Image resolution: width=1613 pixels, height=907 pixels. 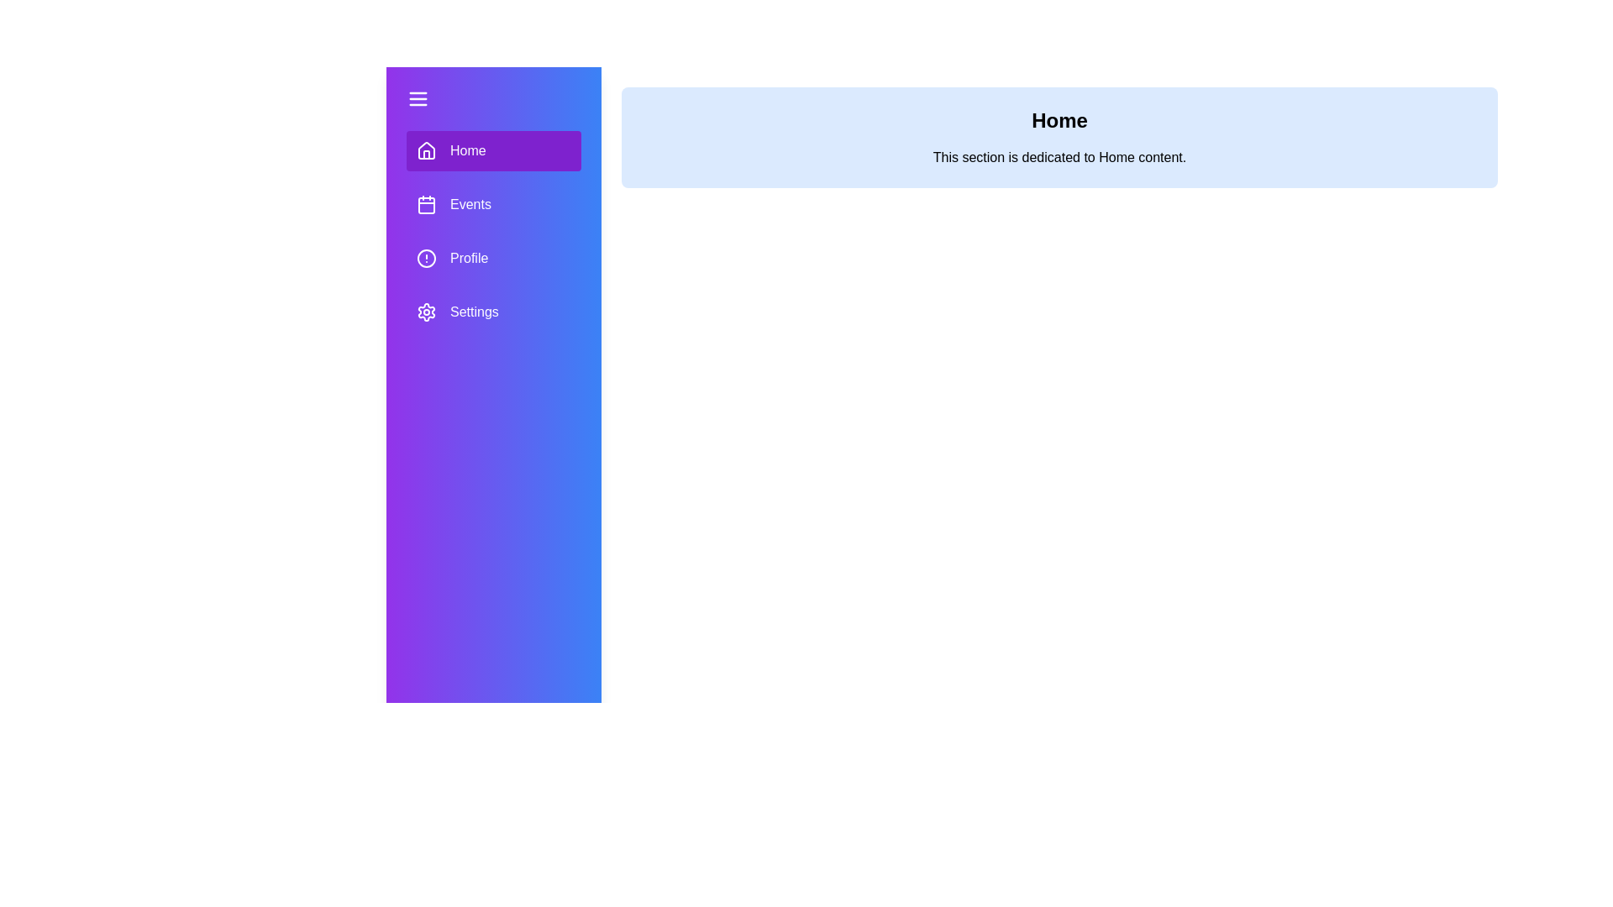 What do you see at coordinates (427, 203) in the screenshot?
I see `the calendar icon located in the 'Events' menu item, which is styled with rounded edges and a minimalistic outline` at bounding box center [427, 203].